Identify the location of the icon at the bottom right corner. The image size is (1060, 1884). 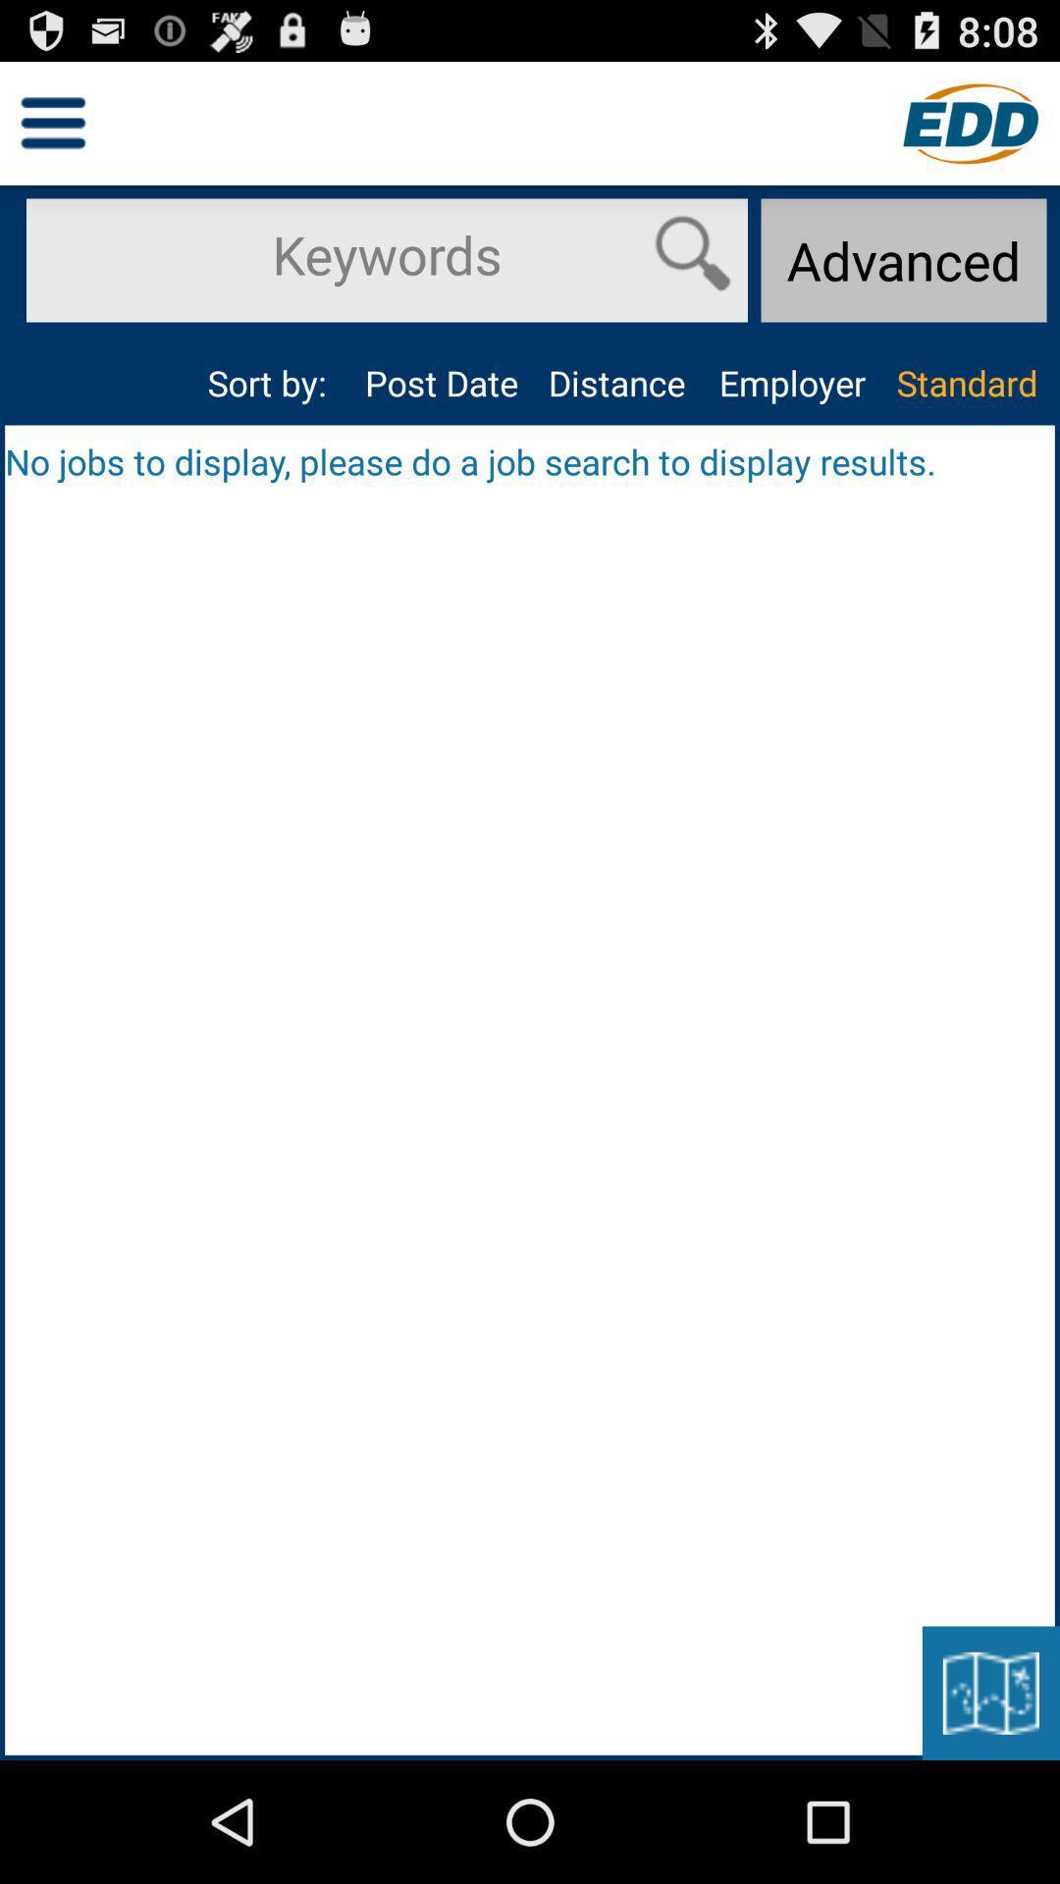
(990, 1692).